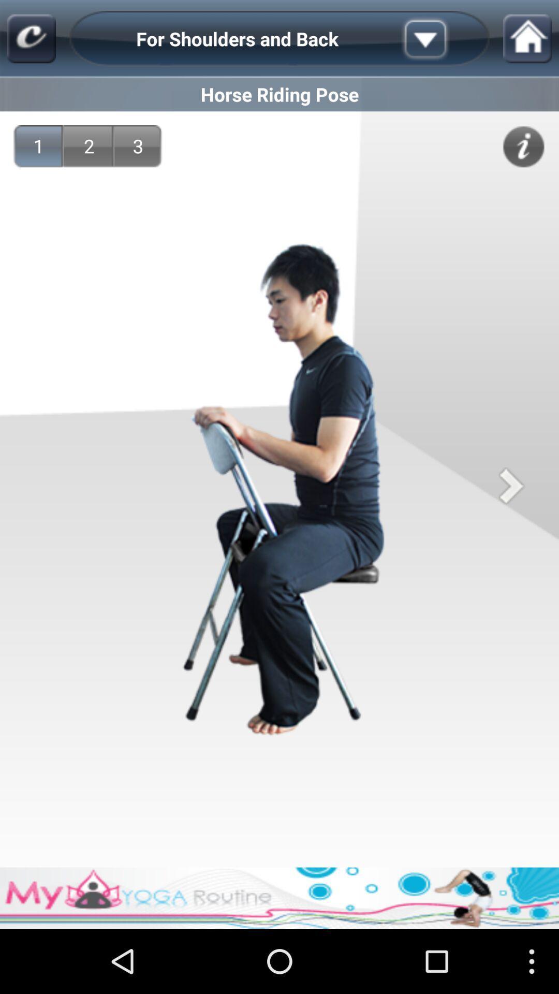 The image size is (559, 994). I want to click on 1 app, so click(38, 145).